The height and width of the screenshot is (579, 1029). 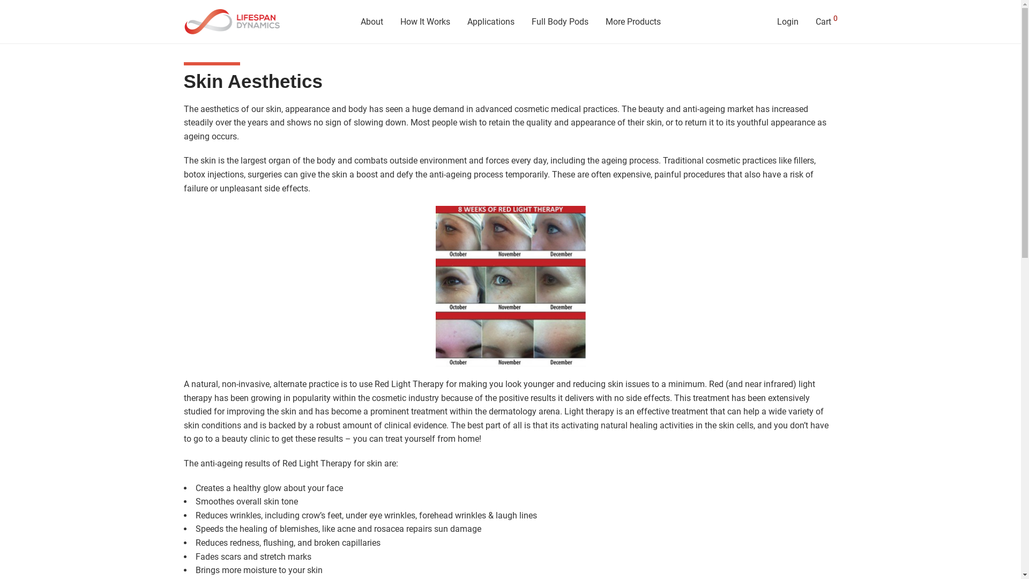 I want to click on 'Applications', so click(x=490, y=22).